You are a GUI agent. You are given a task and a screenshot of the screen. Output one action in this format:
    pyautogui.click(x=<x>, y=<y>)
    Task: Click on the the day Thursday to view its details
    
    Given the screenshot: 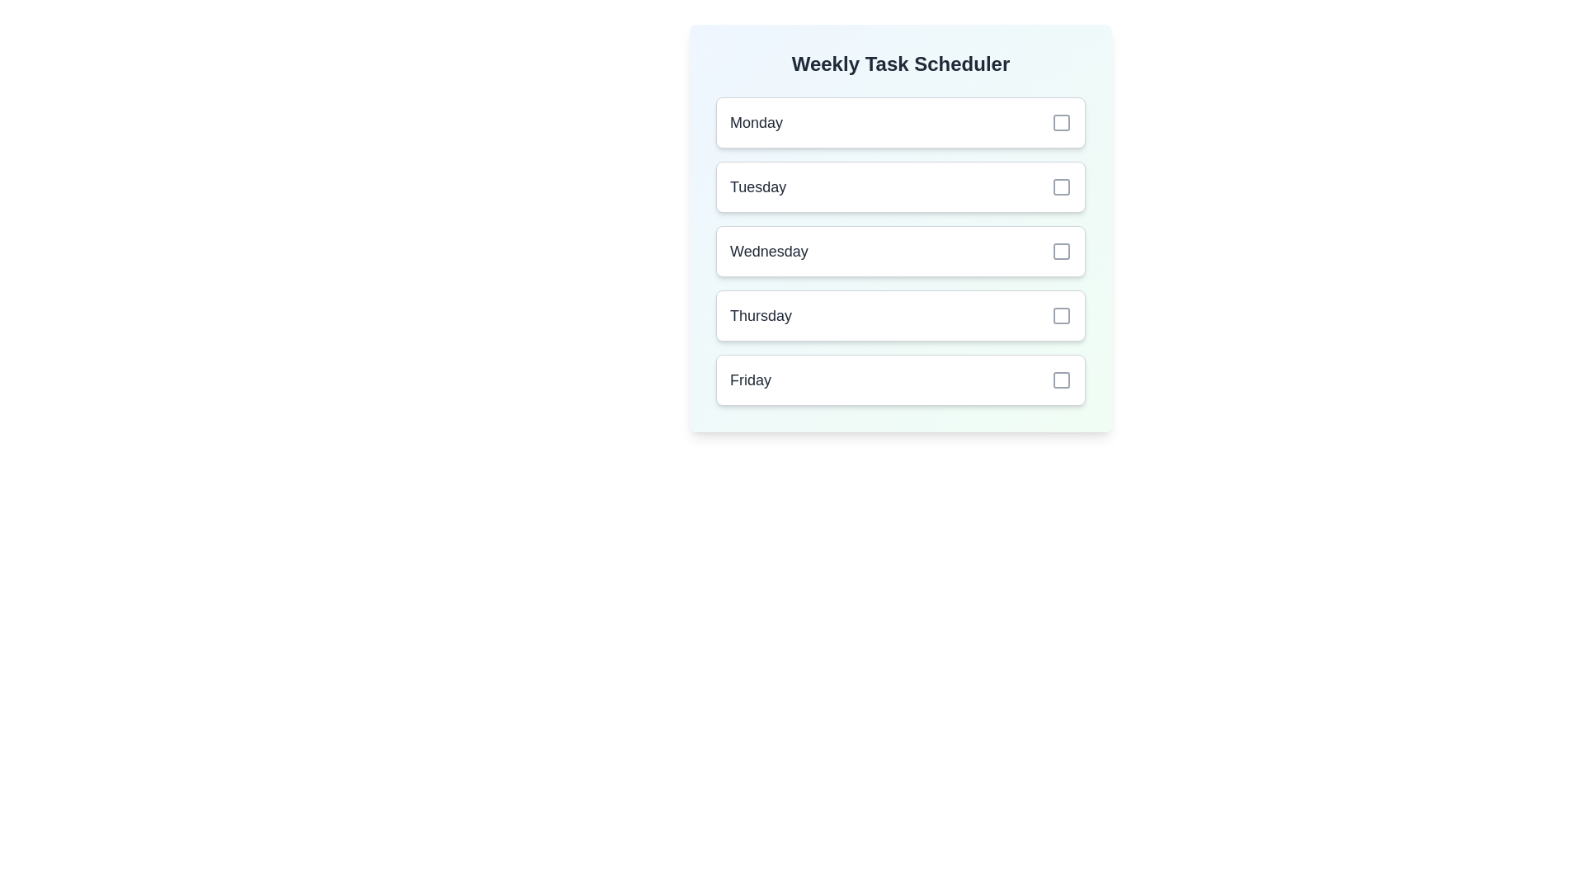 What is the action you would take?
    pyautogui.click(x=899, y=315)
    